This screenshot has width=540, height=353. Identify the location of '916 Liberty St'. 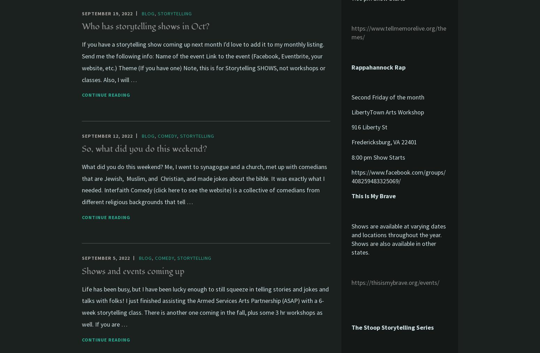
(369, 127).